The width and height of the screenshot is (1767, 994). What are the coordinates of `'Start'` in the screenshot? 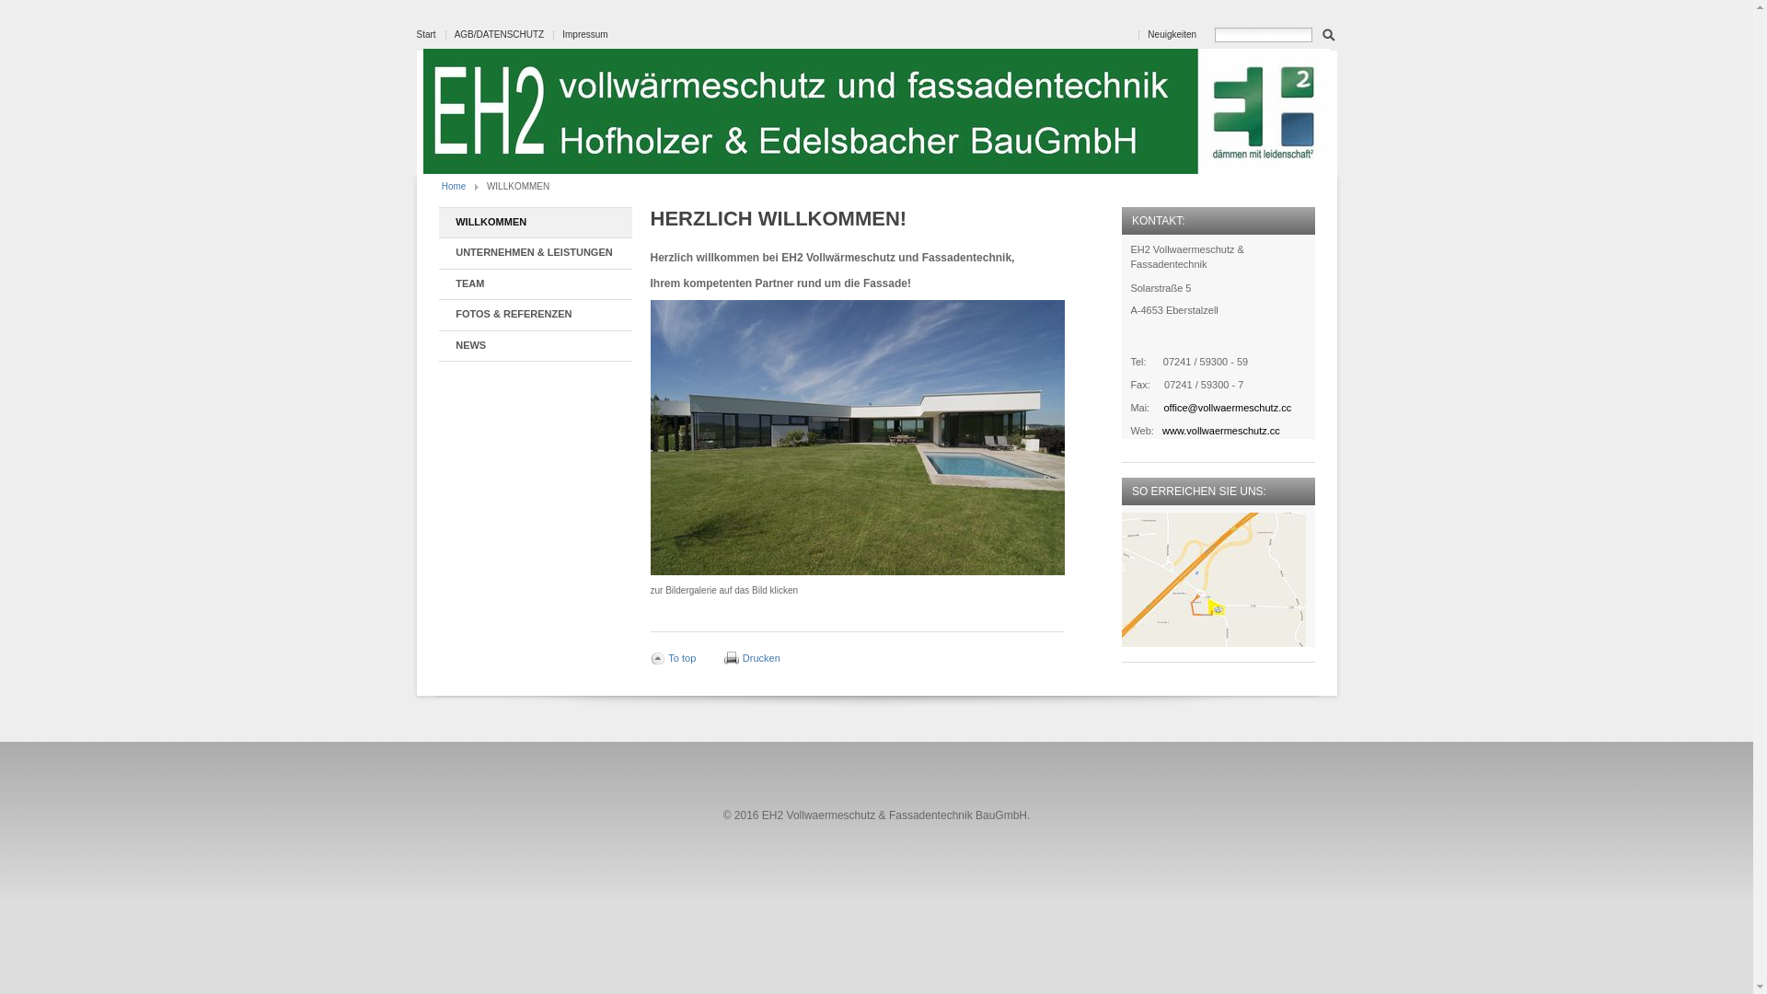 It's located at (424, 34).